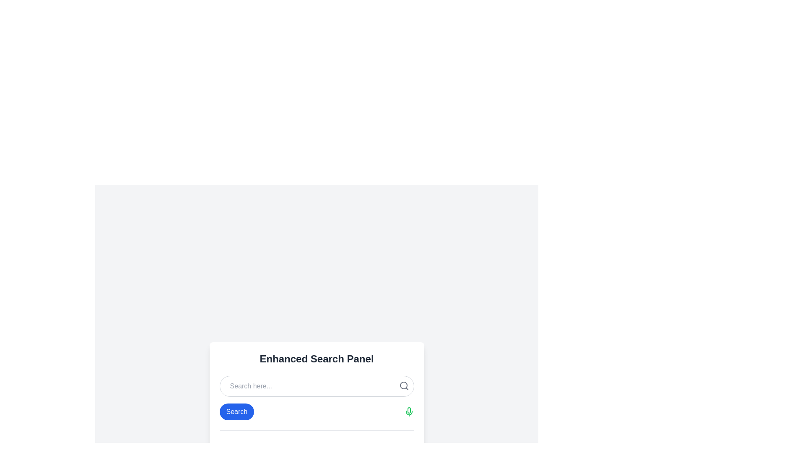  Describe the element at coordinates (409, 411) in the screenshot. I see `the microphone icon located` at that location.